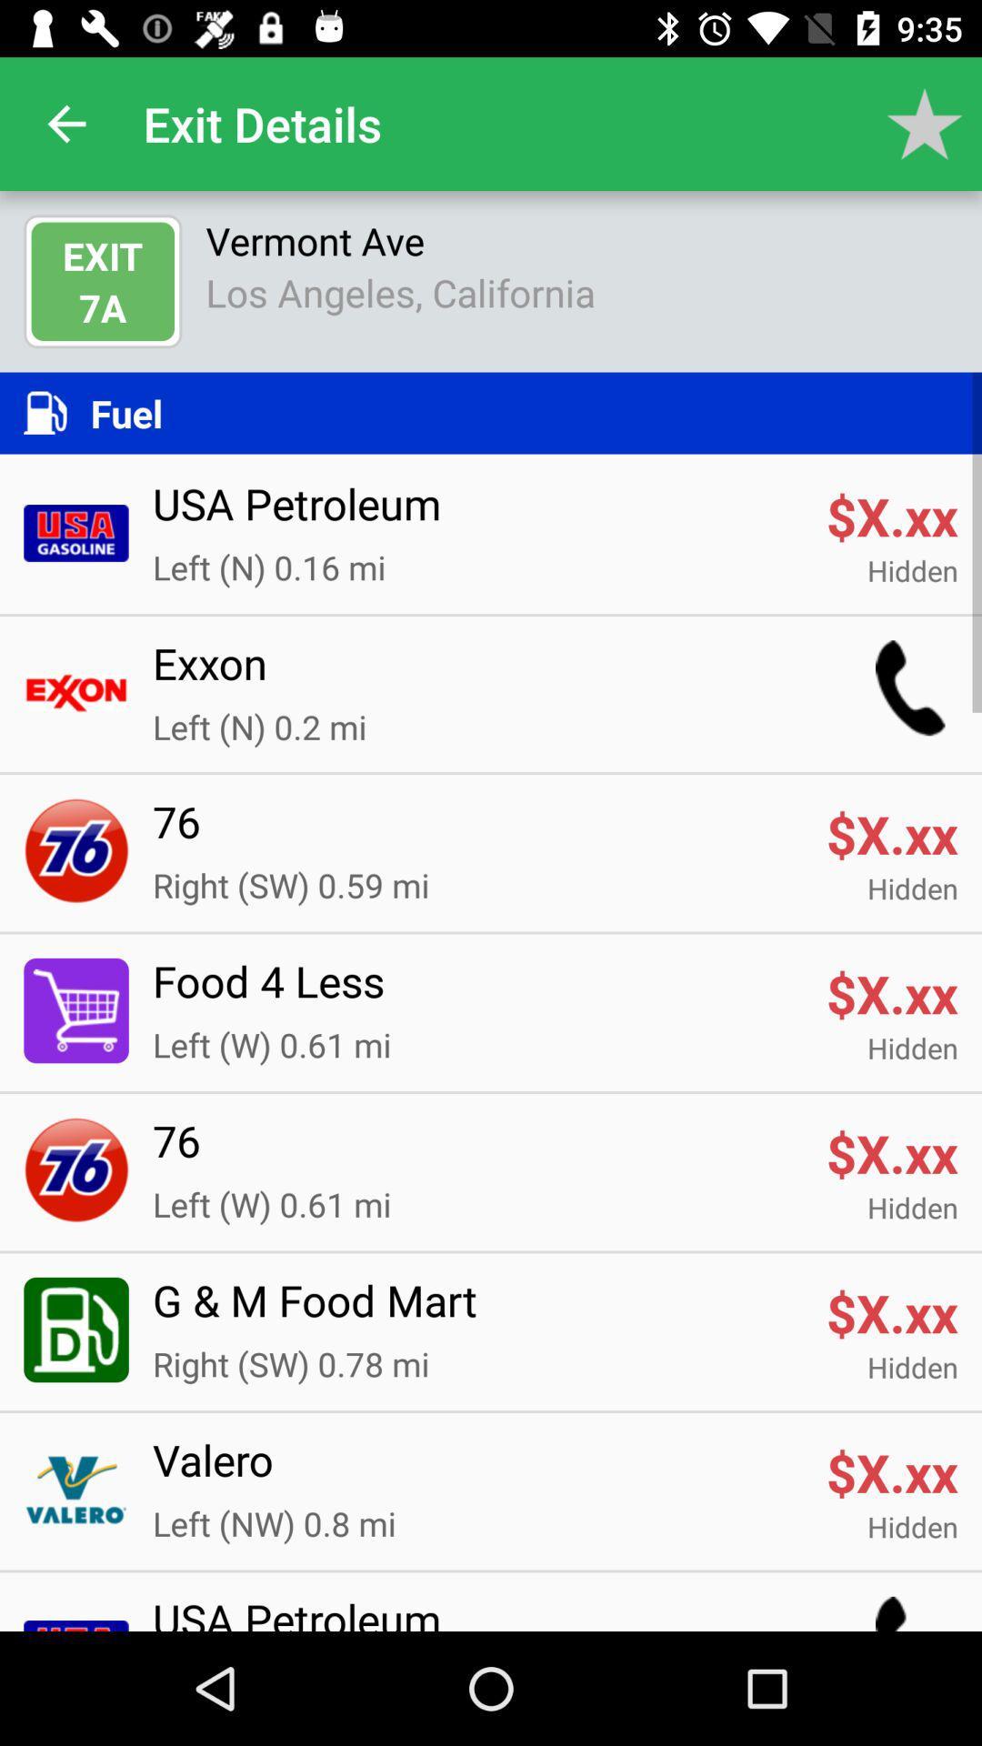  What do you see at coordinates (476, 674) in the screenshot?
I see `icon above the left n 0 item` at bounding box center [476, 674].